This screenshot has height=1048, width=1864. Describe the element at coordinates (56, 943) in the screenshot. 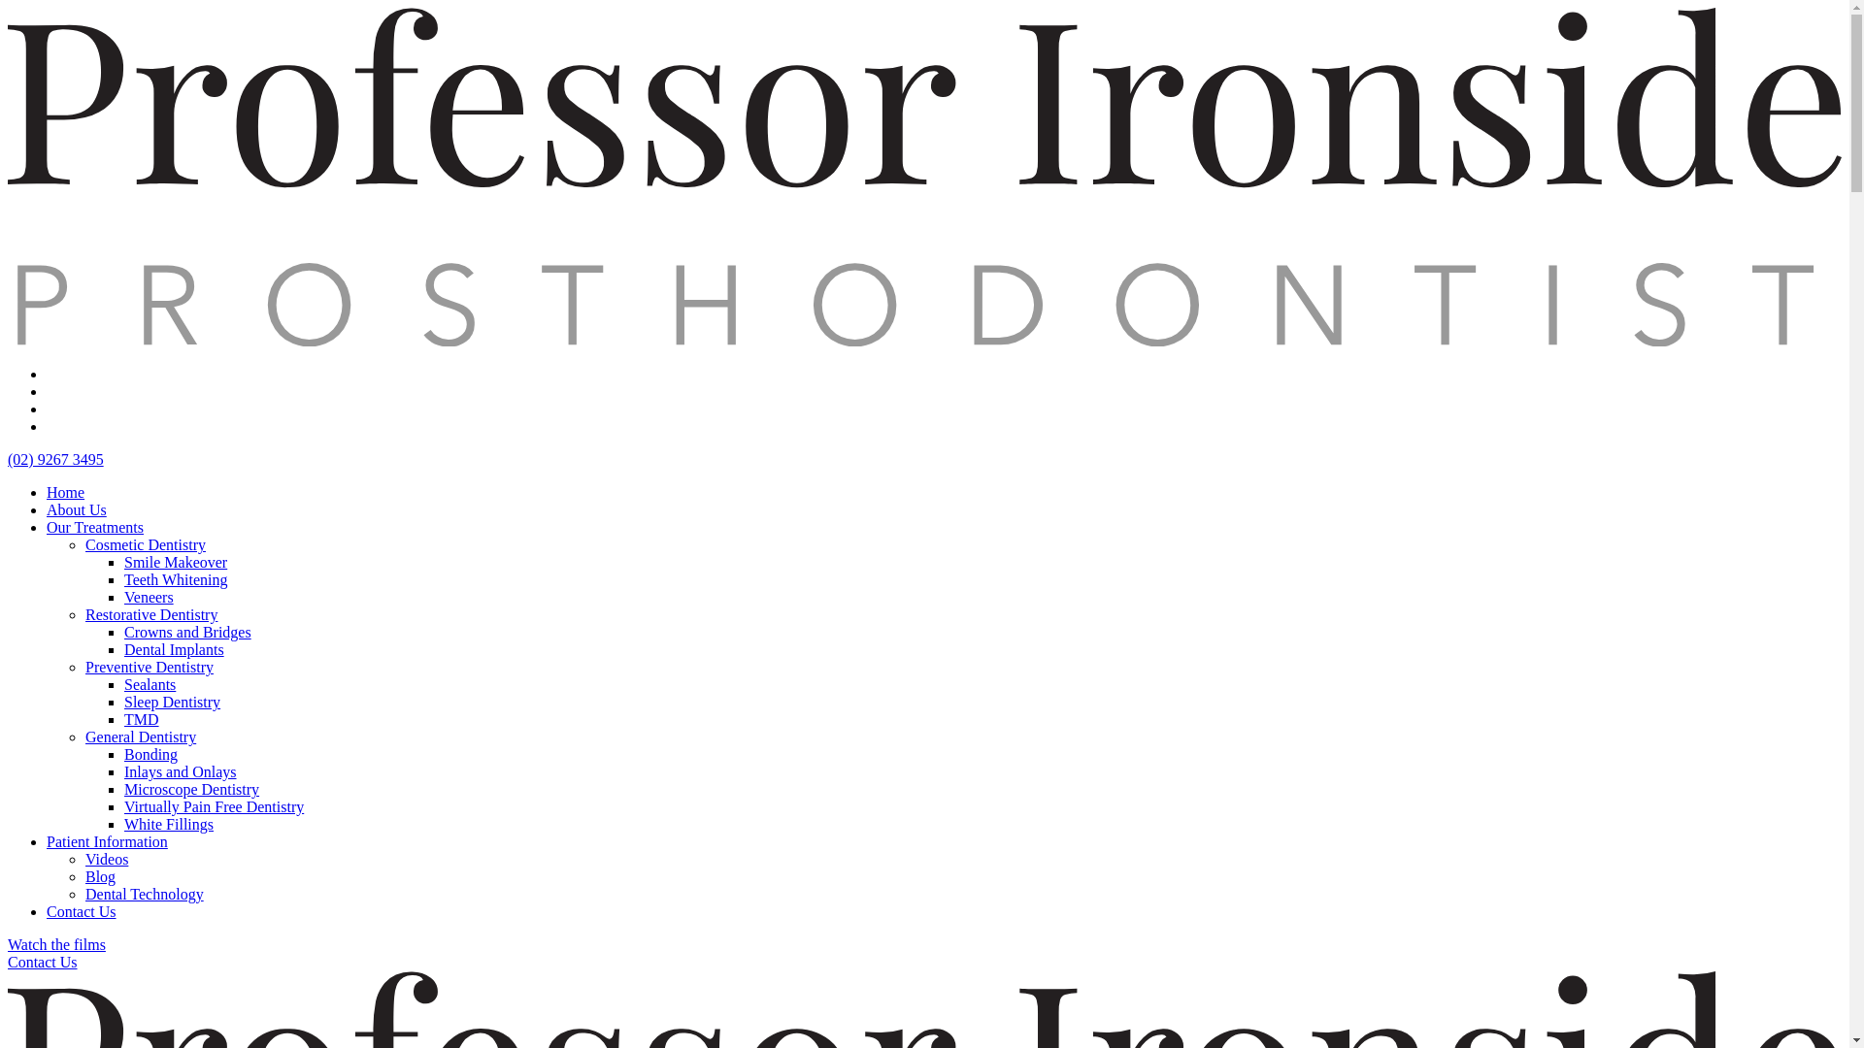

I see `'Watch the films'` at that location.